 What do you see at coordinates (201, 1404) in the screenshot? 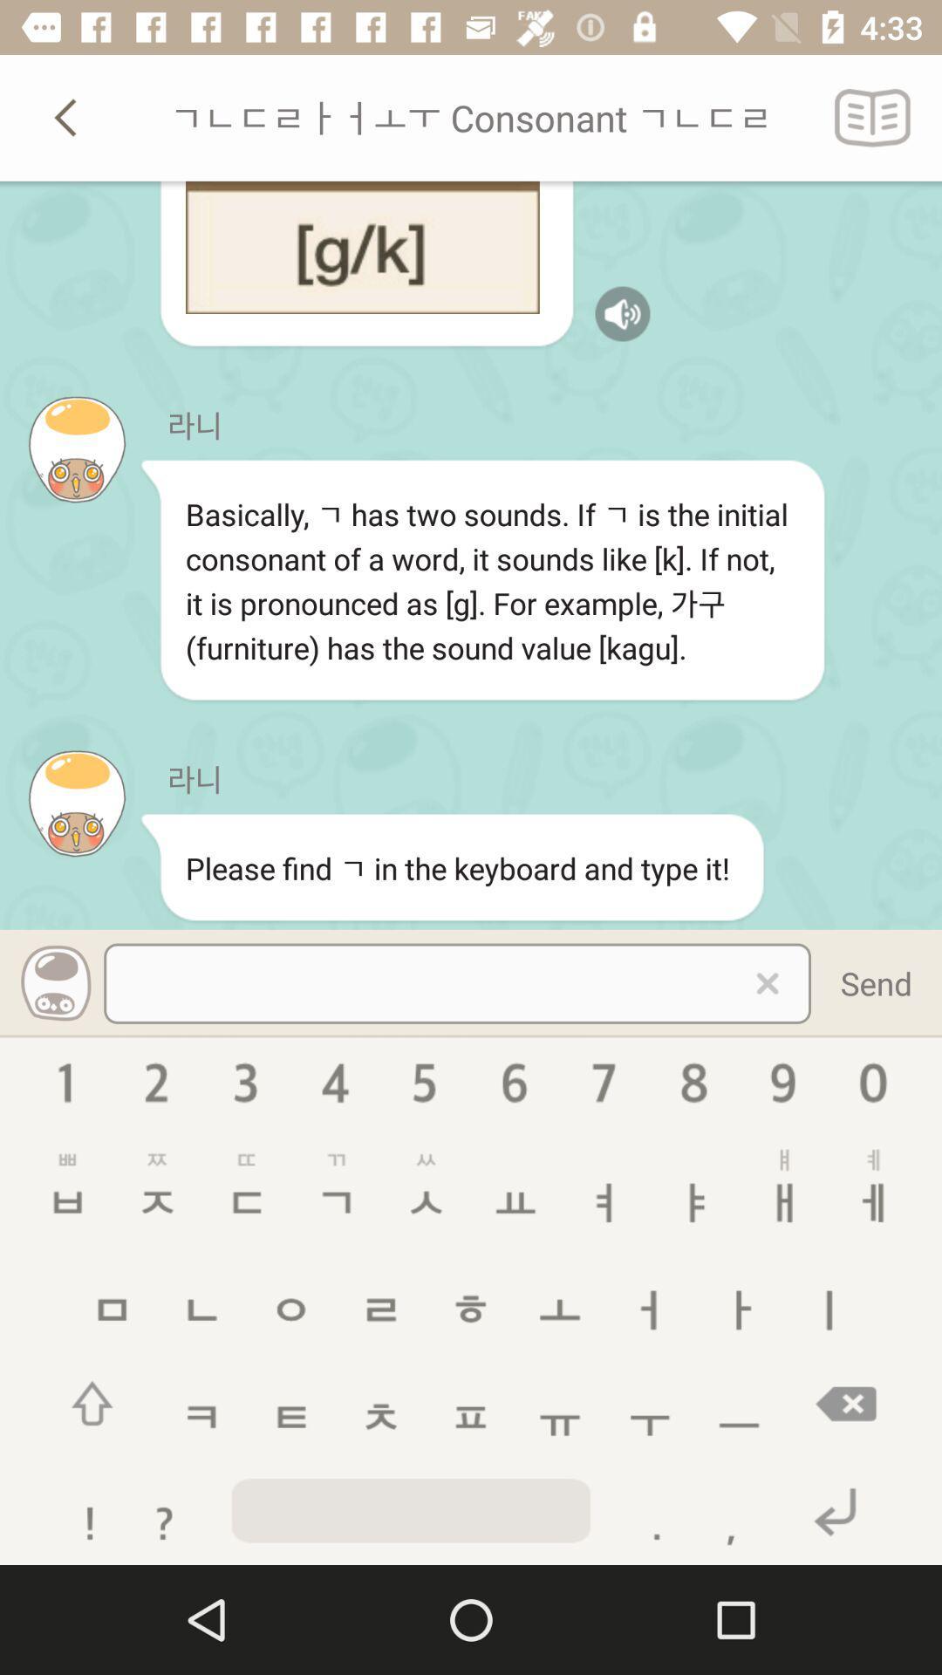
I see `the chat icon` at bounding box center [201, 1404].